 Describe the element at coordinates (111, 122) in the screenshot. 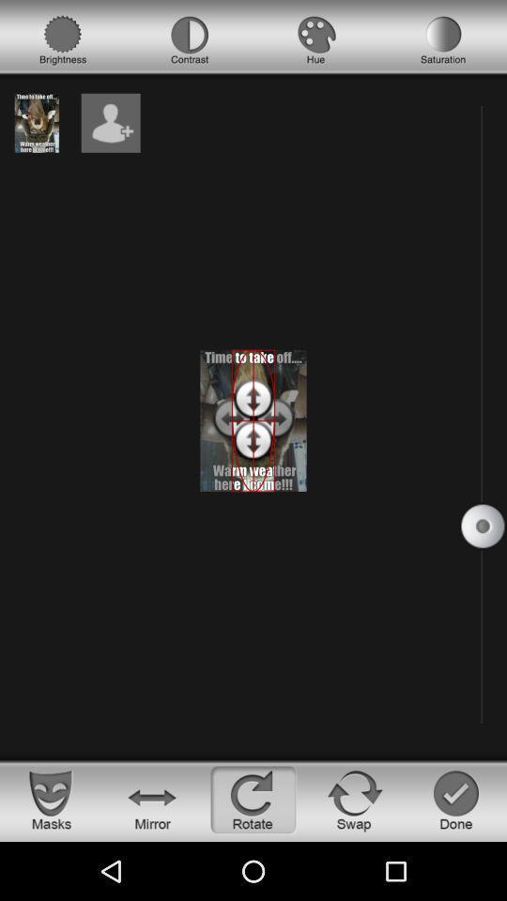

I see `the follow icon` at that location.